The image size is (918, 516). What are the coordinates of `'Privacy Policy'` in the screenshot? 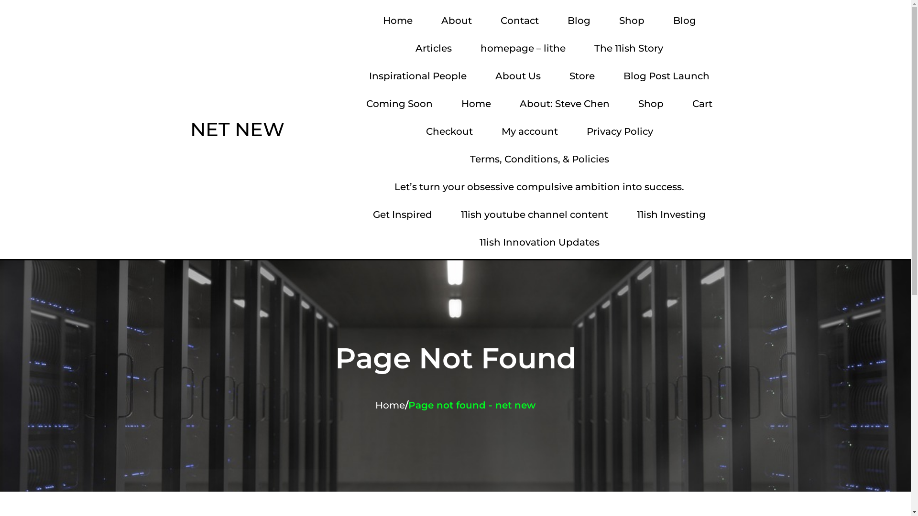 It's located at (620, 131).